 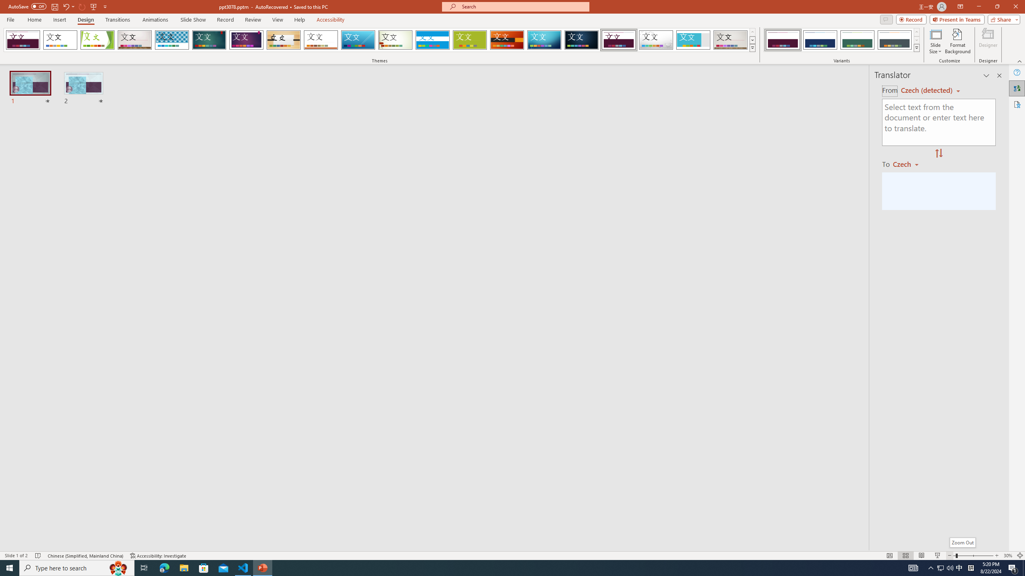 What do you see at coordinates (172, 40) in the screenshot?
I see `'Integral'` at bounding box center [172, 40].